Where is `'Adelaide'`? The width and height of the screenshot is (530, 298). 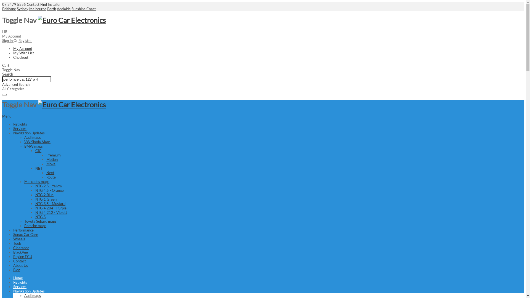
'Adelaide' is located at coordinates (63, 9).